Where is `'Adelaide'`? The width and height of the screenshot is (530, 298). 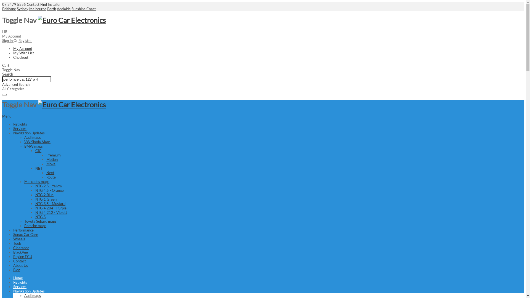
'Adelaide' is located at coordinates (63, 9).